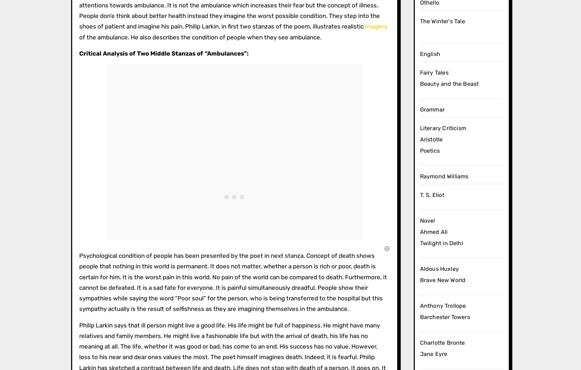  I want to click on '|', so click(155, 106).